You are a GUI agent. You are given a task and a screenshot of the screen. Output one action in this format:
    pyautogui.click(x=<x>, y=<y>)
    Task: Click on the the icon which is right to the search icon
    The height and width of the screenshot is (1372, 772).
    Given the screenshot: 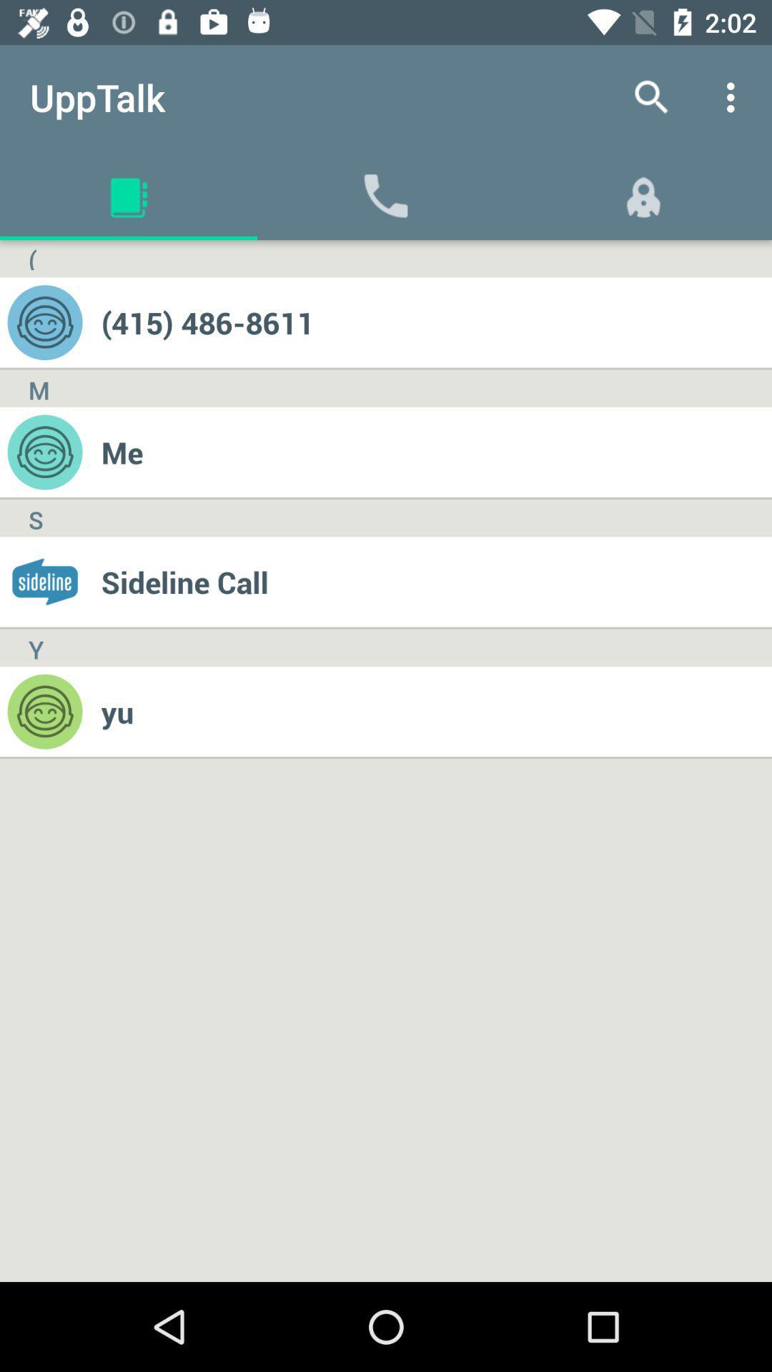 What is the action you would take?
    pyautogui.click(x=734, y=97)
    